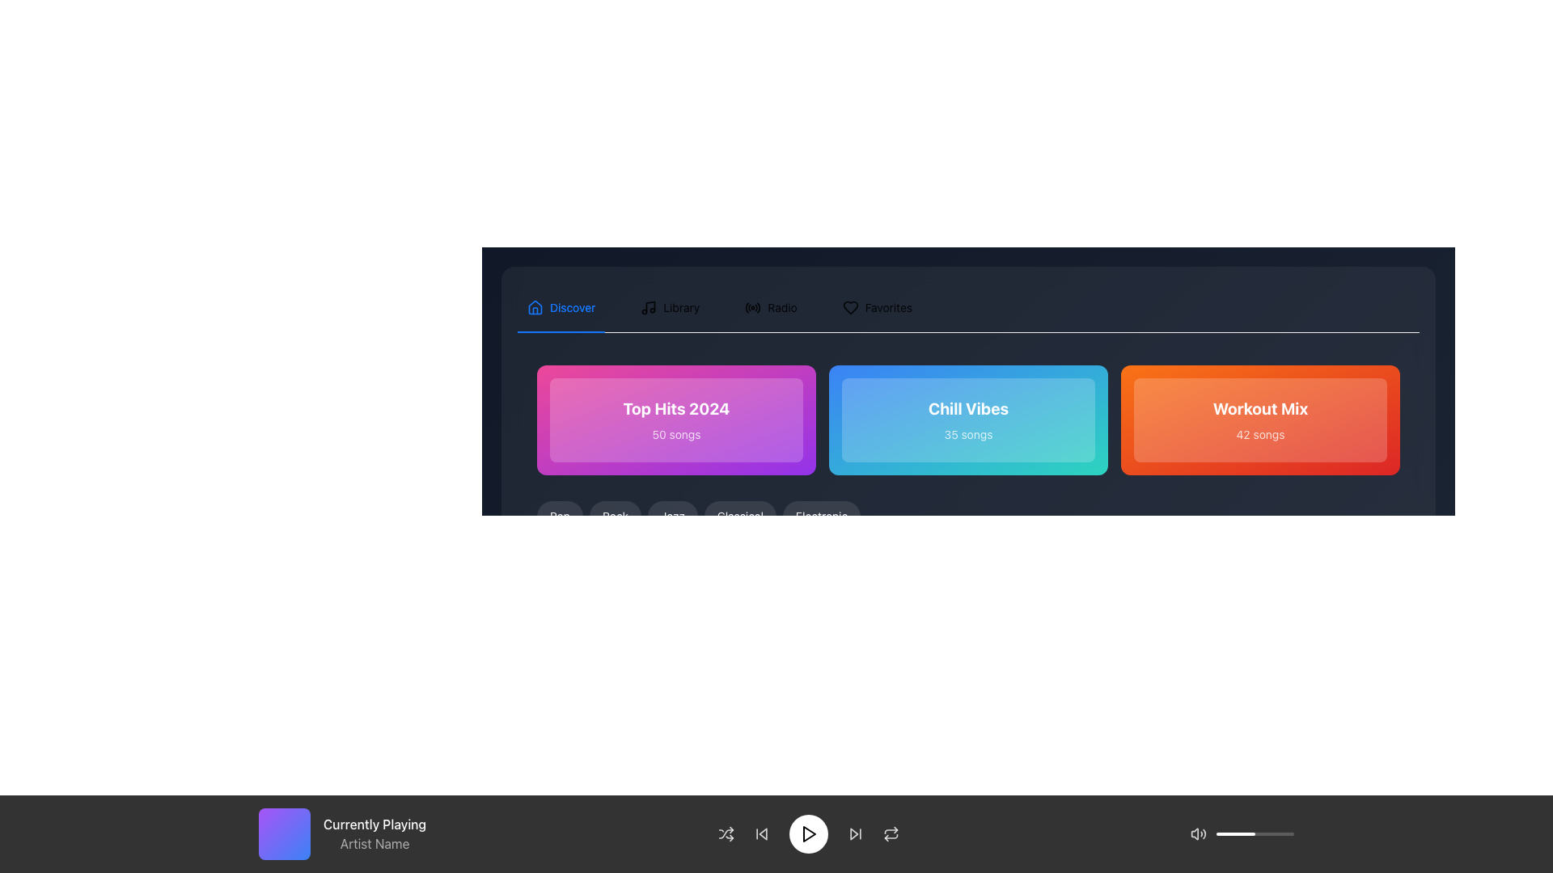  I want to click on the text label displaying 'Currently Playing' which is prominently shown in white against a dark background, located above 'Artist Name' and adjacent to a gradient-colored square icon, so click(374, 824).